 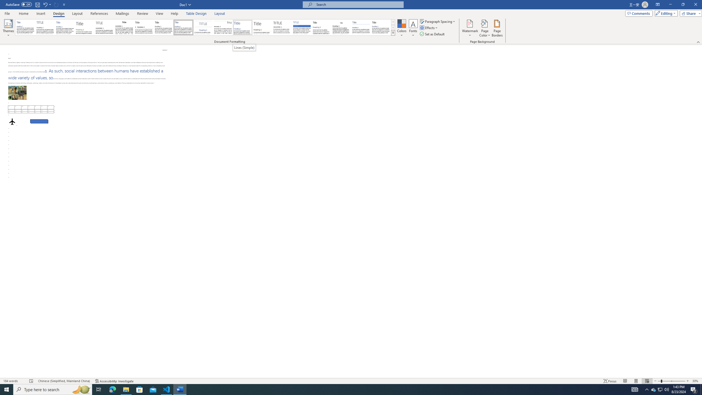 I want to click on 'Black & White (Word 2013)', so click(x=163, y=27).